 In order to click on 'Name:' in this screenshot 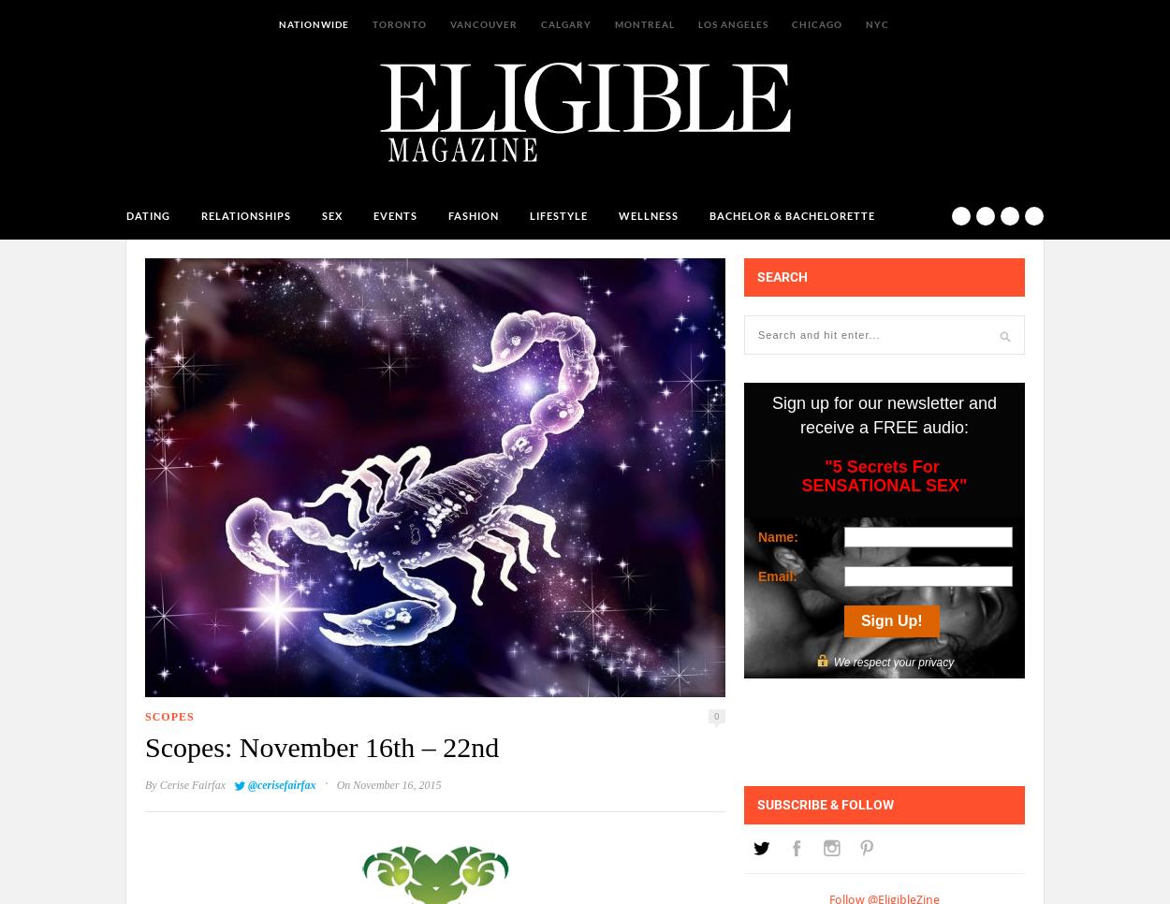, I will do `click(776, 535)`.